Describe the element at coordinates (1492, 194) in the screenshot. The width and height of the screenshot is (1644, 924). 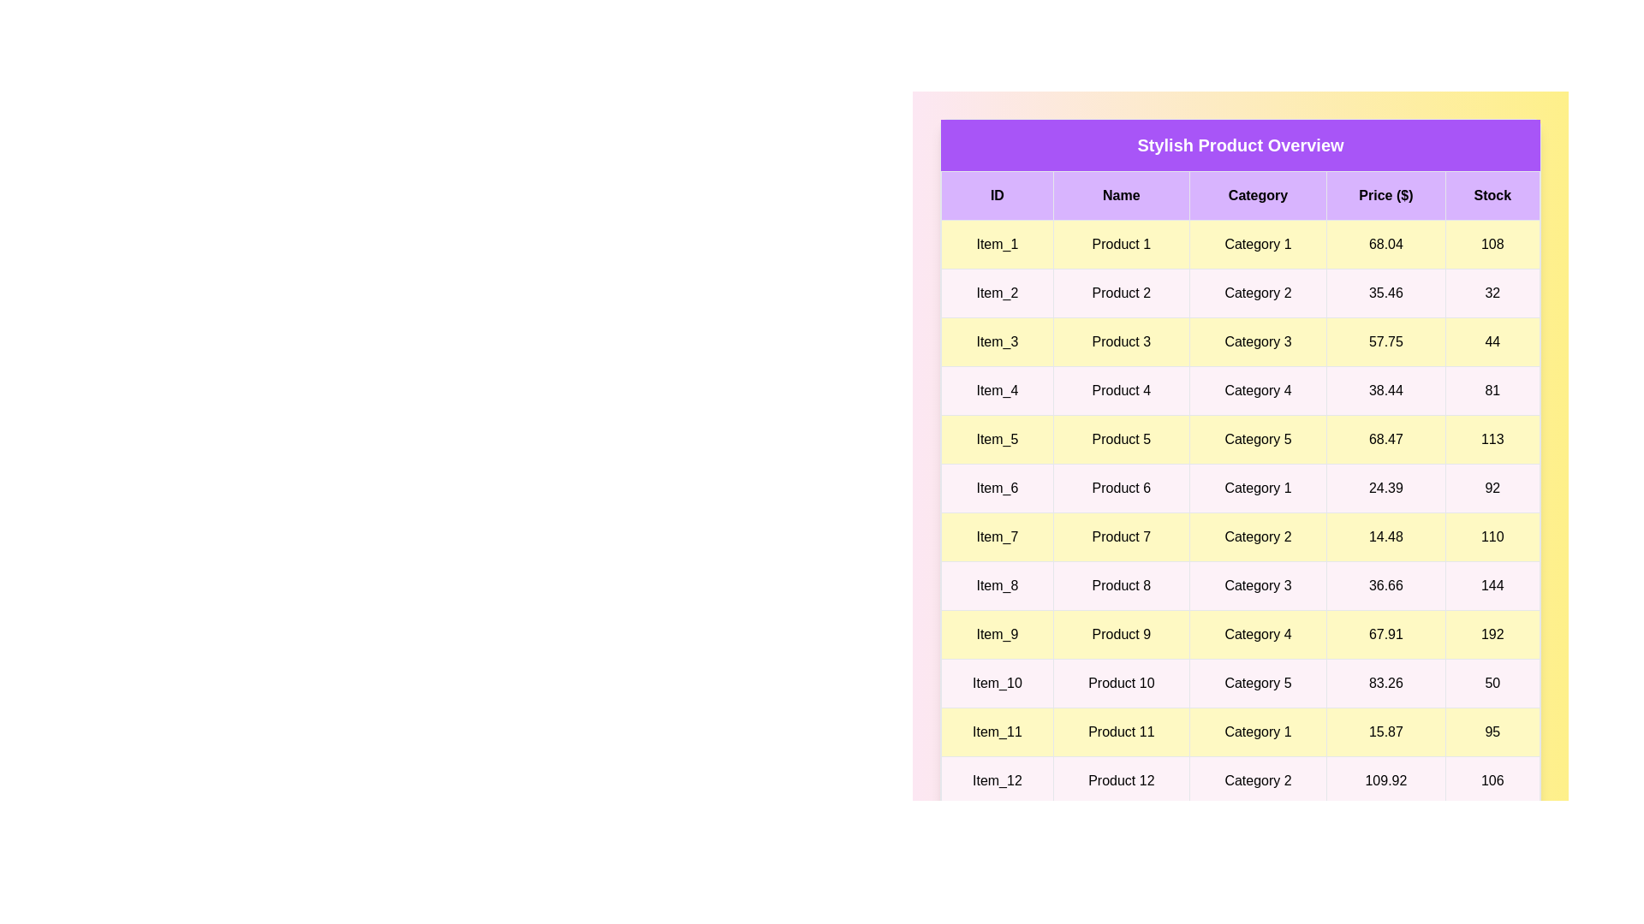
I see `the column header Stock to sort the table by that column` at that location.